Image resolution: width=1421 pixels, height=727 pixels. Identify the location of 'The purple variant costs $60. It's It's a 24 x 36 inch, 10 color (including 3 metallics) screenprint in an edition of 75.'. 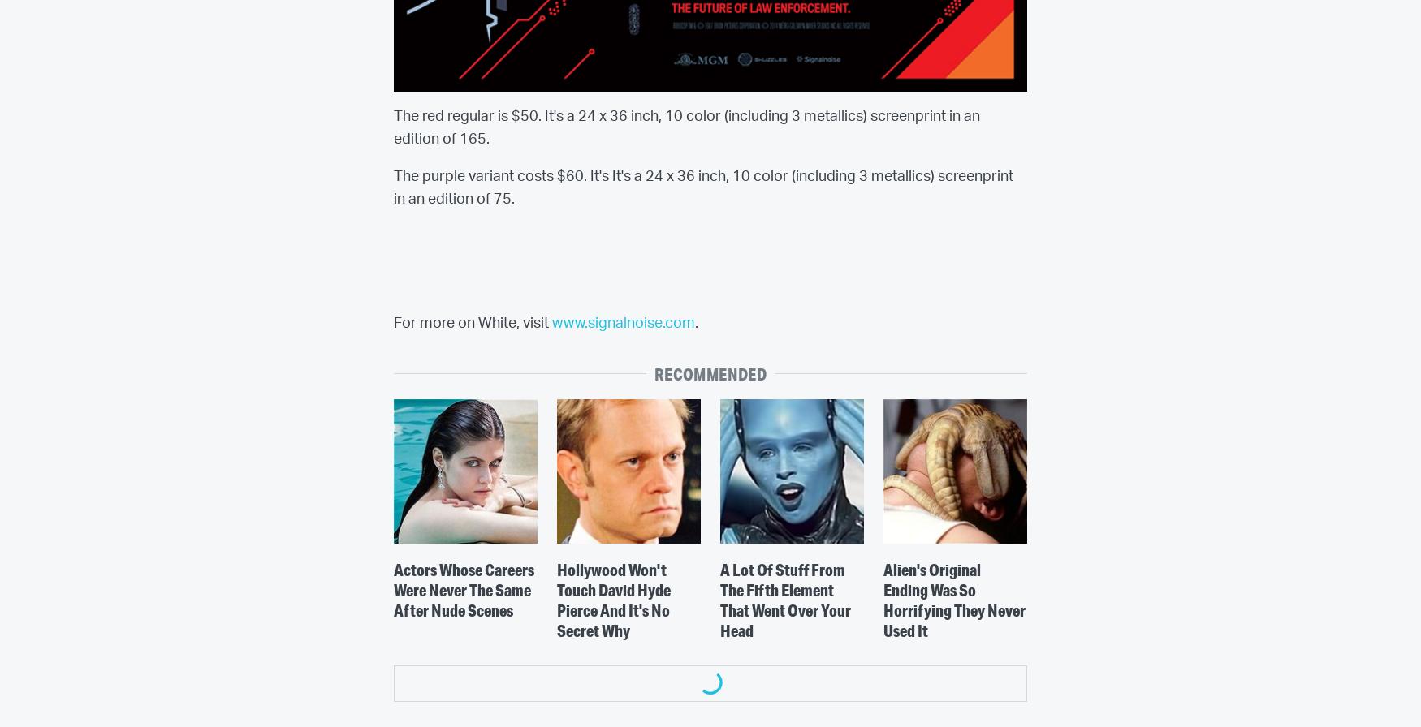
(703, 187).